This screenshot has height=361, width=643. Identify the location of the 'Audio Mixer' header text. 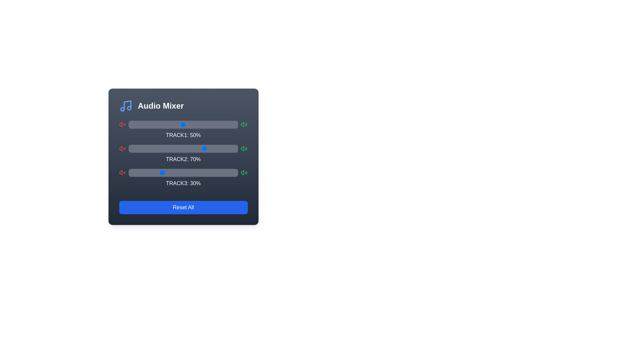
(161, 105).